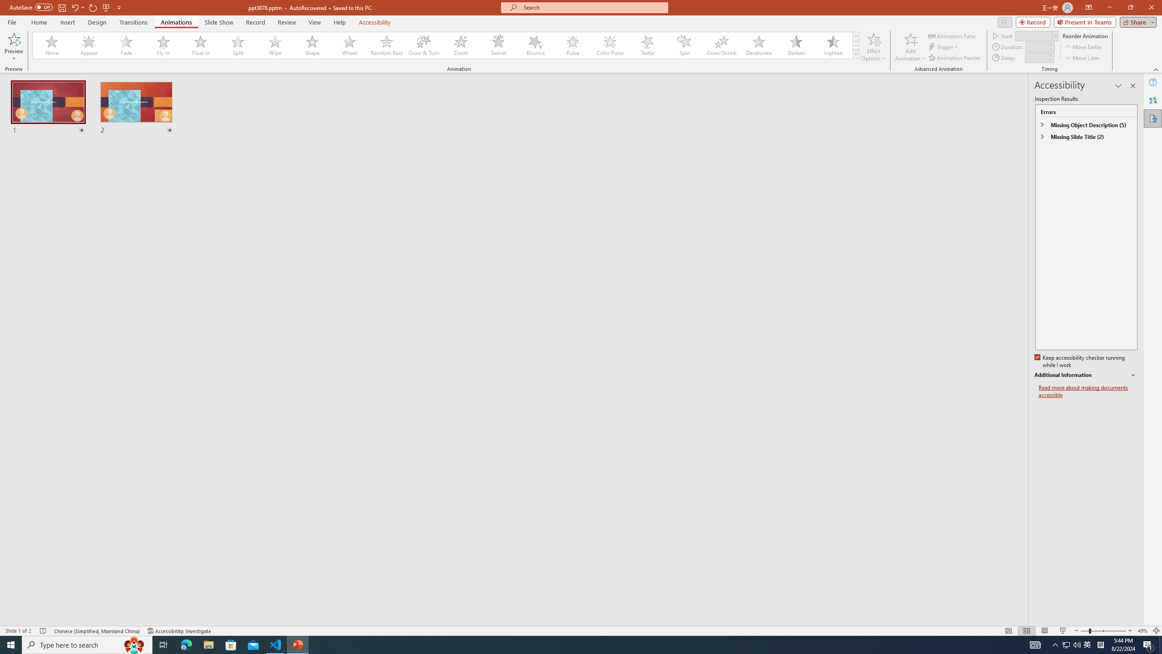 This screenshot has width=1162, height=654. I want to click on 'Swivel', so click(498, 45).